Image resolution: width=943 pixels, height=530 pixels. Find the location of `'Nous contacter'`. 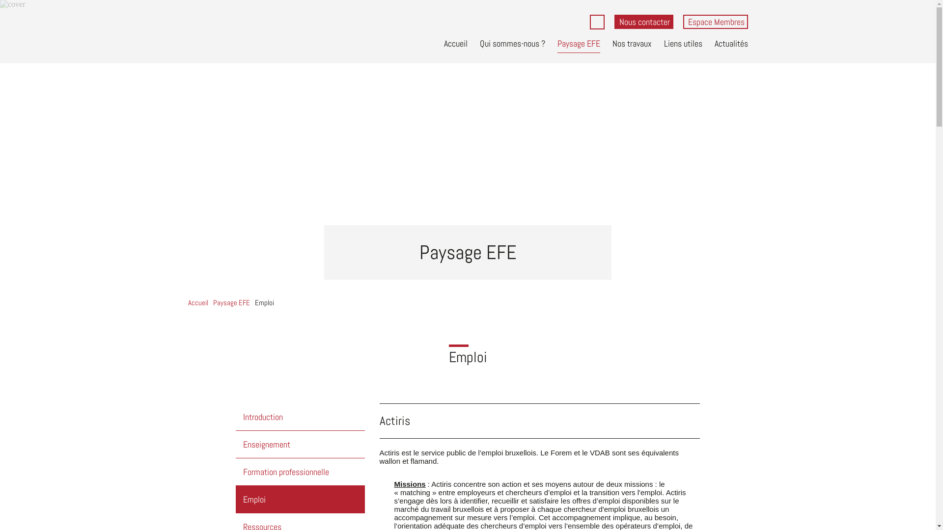

'Nous contacter' is located at coordinates (643, 22).